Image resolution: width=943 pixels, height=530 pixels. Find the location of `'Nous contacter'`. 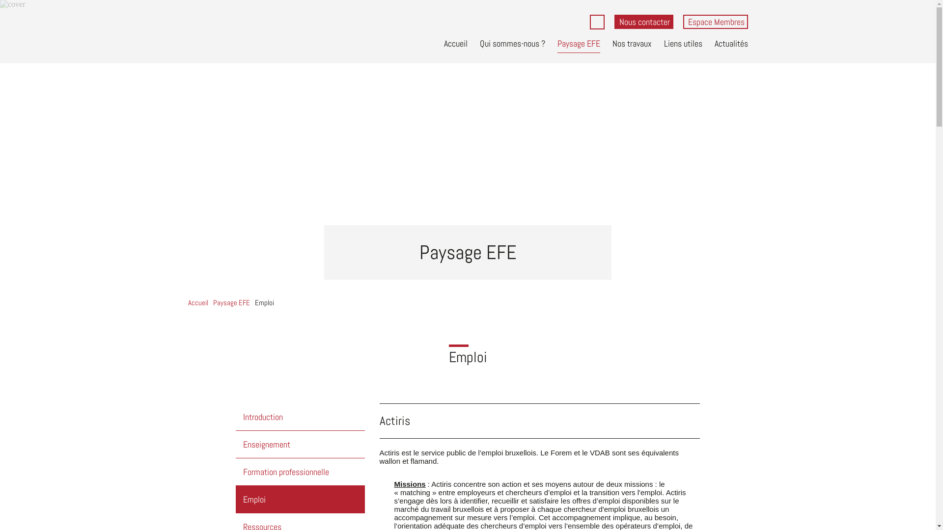

'Nous contacter' is located at coordinates (643, 22).